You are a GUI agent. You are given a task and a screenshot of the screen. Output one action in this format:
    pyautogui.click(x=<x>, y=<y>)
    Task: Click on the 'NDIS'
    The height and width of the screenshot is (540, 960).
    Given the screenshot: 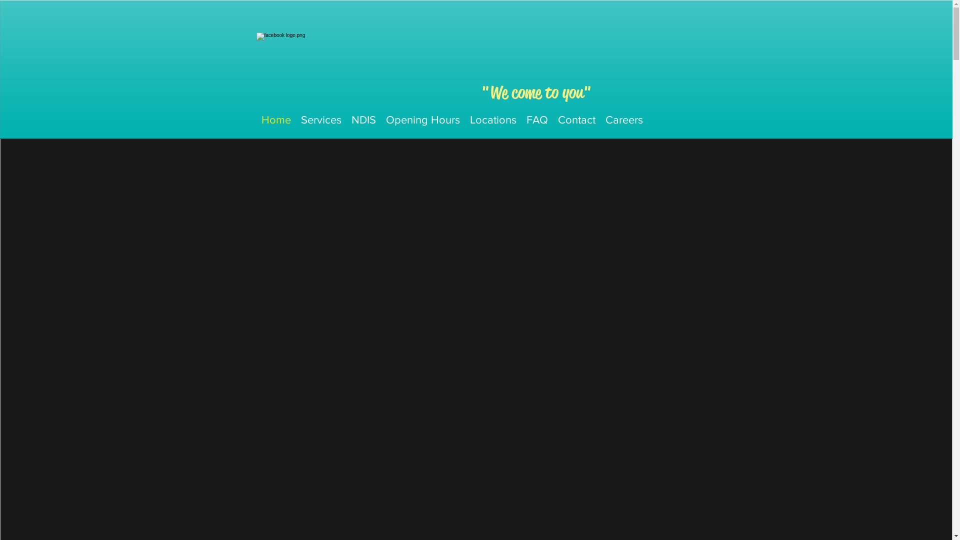 What is the action you would take?
    pyautogui.click(x=362, y=119)
    